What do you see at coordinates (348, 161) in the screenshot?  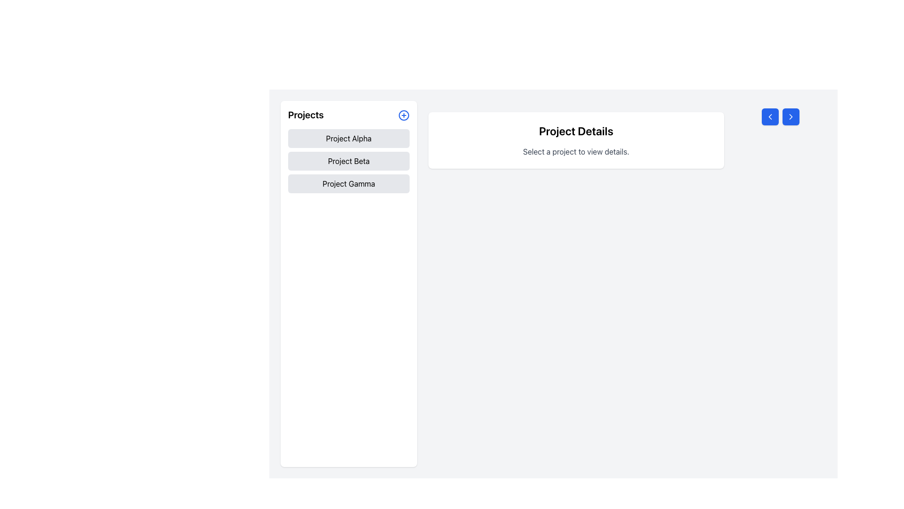 I see `the 'Project Beta' button-like selectable list item` at bounding box center [348, 161].